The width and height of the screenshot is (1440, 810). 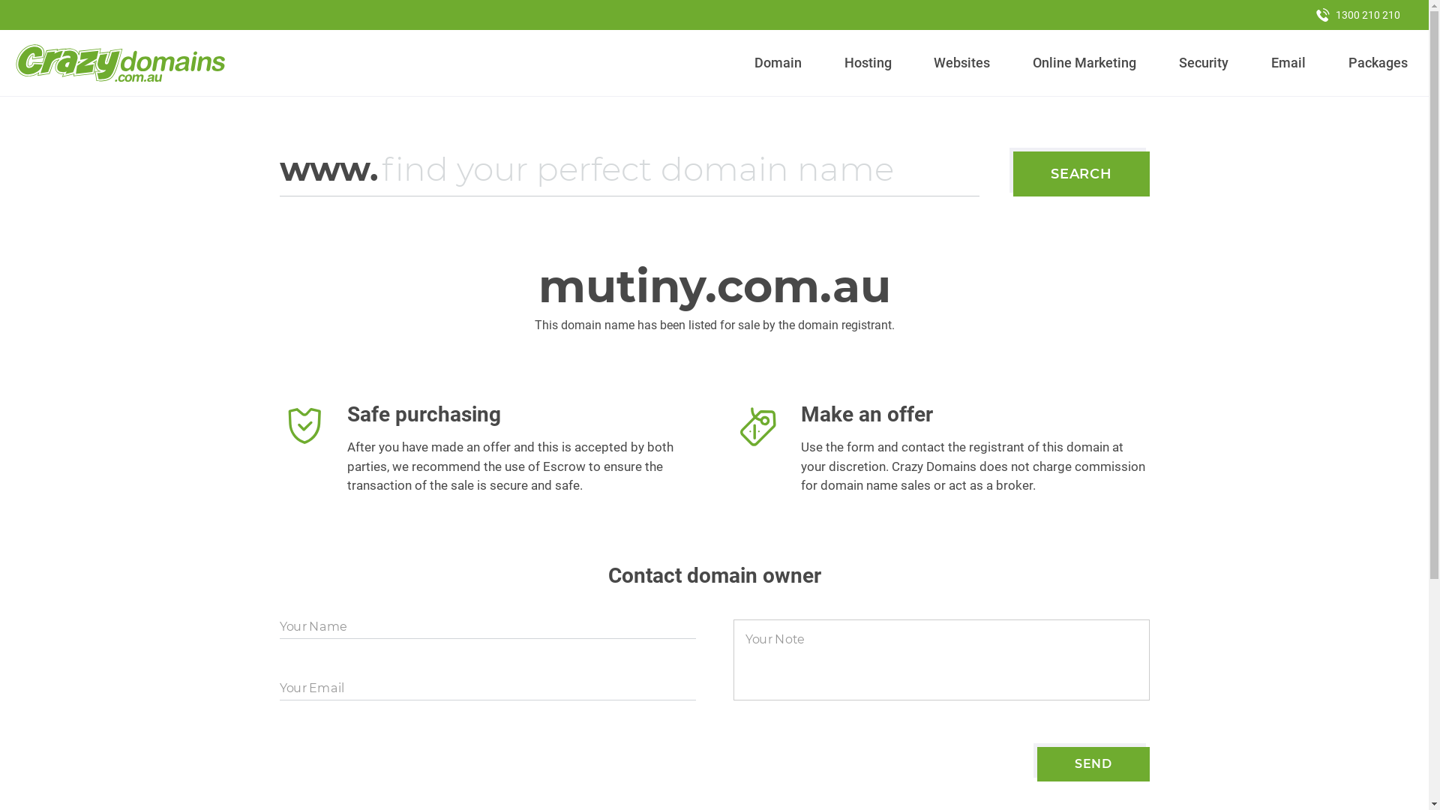 I want to click on 'Websites', so click(x=961, y=62).